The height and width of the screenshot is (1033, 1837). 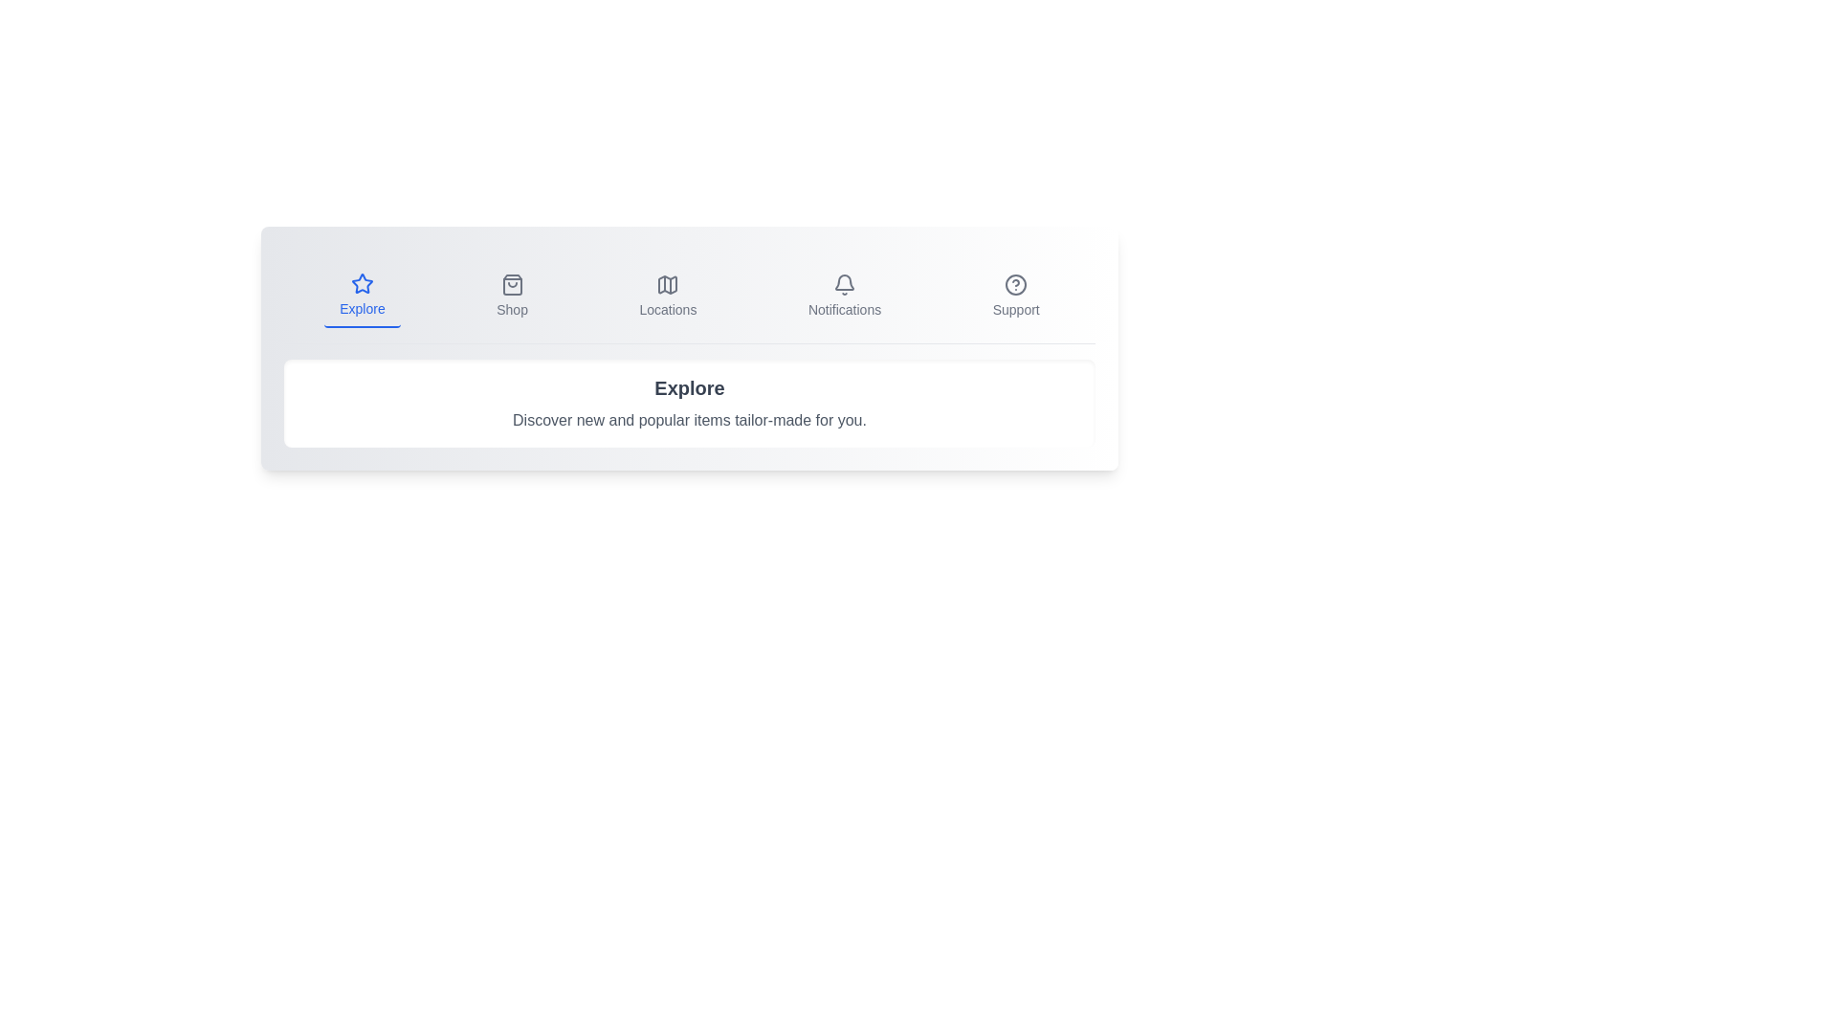 I want to click on the Text label in the navigation bar that clarifies the purpose of the shopping bag icon above it, so click(x=512, y=309).